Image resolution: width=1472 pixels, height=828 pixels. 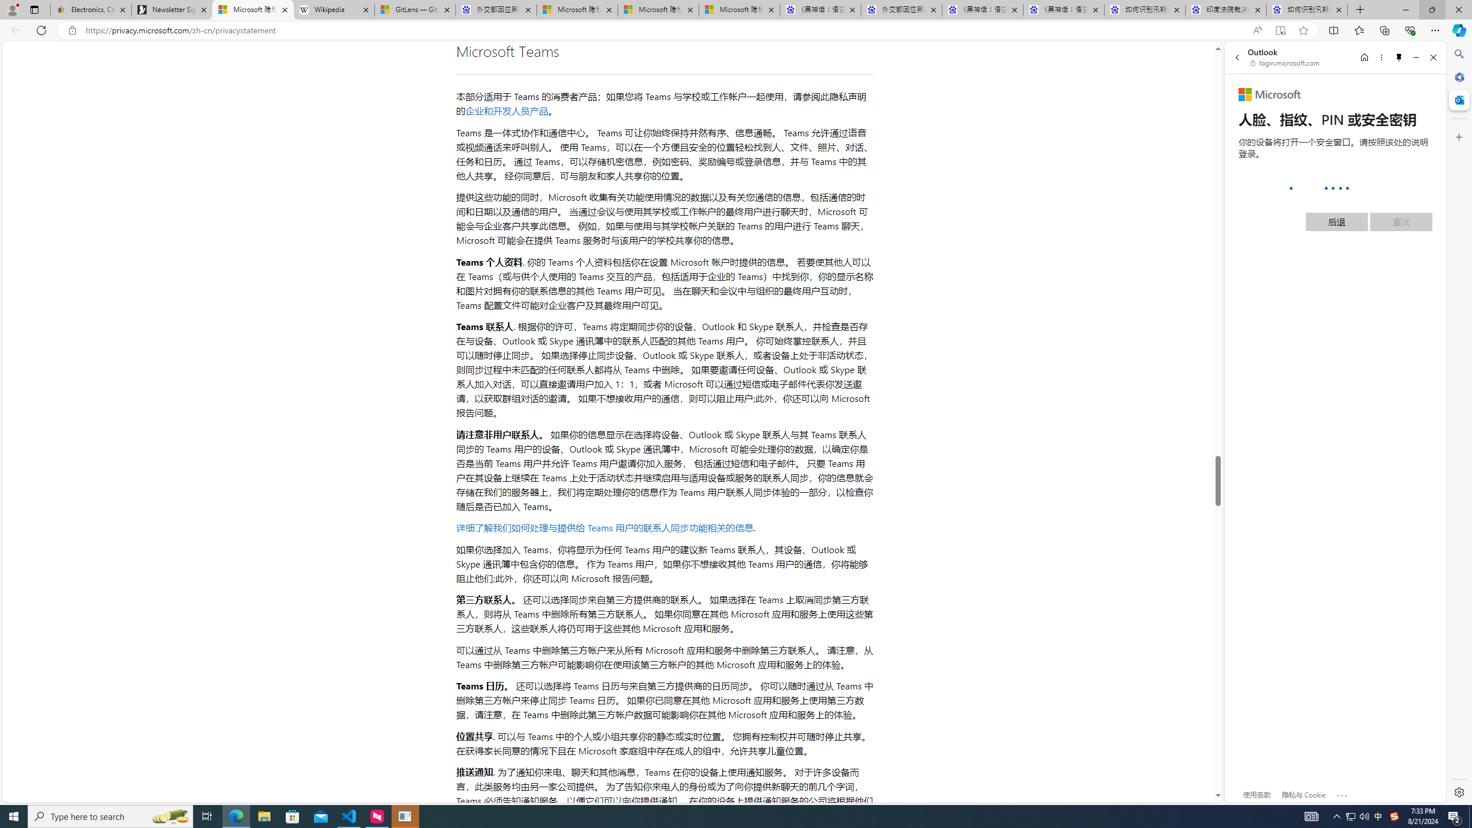 What do you see at coordinates (171, 9) in the screenshot?
I see `'Newsletter Sign Up'` at bounding box center [171, 9].